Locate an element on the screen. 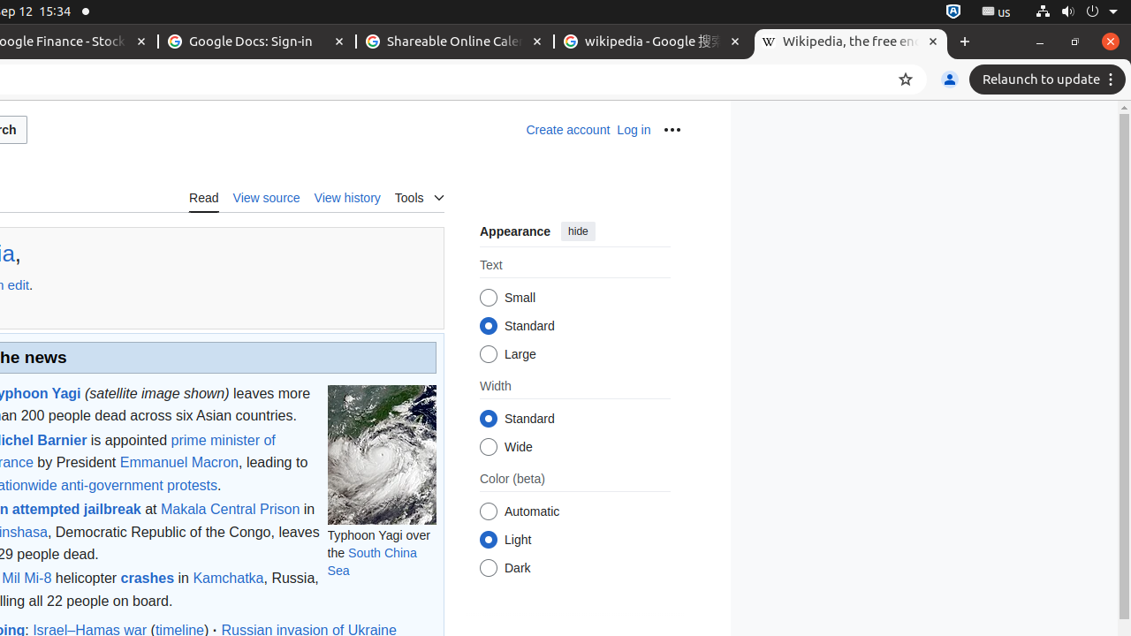 This screenshot has width=1131, height=636. 'Tools' is located at coordinates (418, 195).